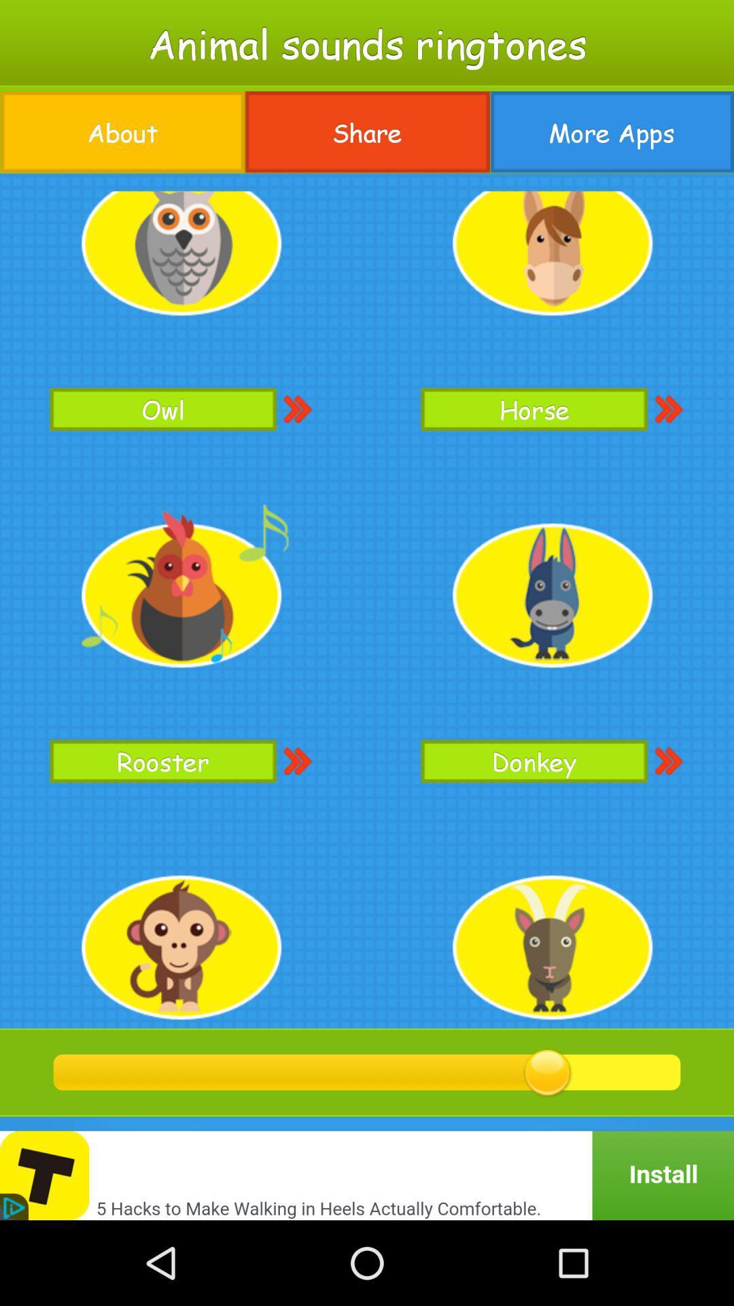 The image size is (734, 1306). What do you see at coordinates (367, 132) in the screenshot?
I see `the item next to more apps button` at bounding box center [367, 132].